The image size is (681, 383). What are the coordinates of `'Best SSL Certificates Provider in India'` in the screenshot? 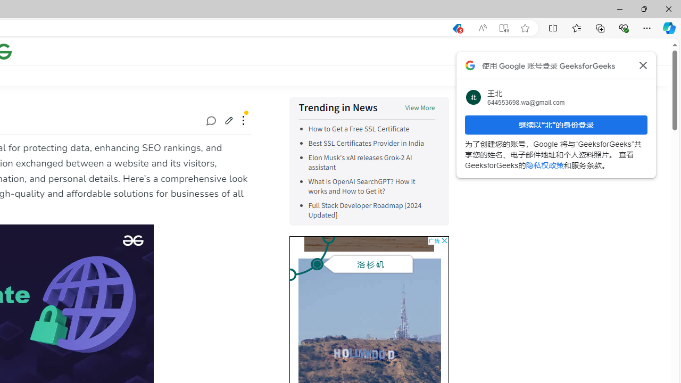 It's located at (371, 144).